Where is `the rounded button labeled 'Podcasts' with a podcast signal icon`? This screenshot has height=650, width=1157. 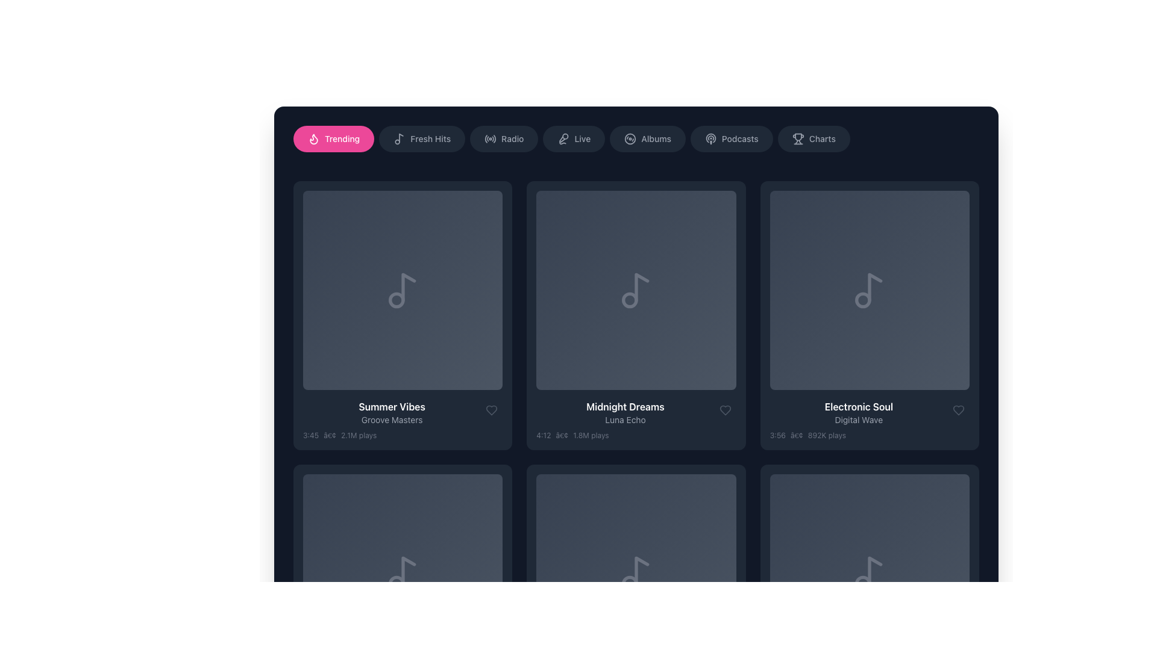
the rounded button labeled 'Podcasts' with a podcast signal icon is located at coordinates (731, 138).